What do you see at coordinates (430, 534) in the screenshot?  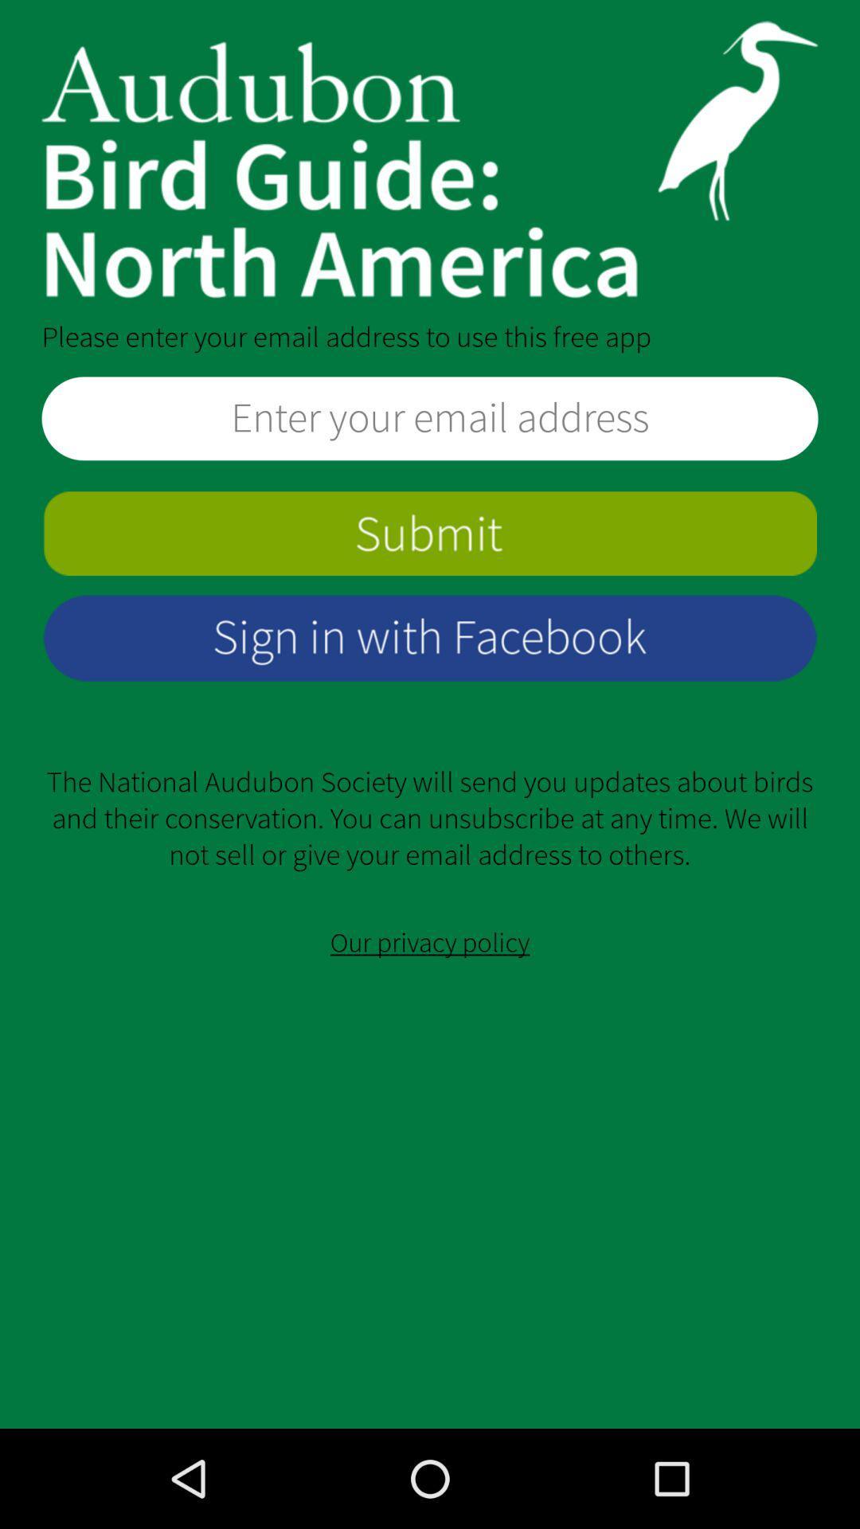 I see `submit option` at bounding box center [430, 534].